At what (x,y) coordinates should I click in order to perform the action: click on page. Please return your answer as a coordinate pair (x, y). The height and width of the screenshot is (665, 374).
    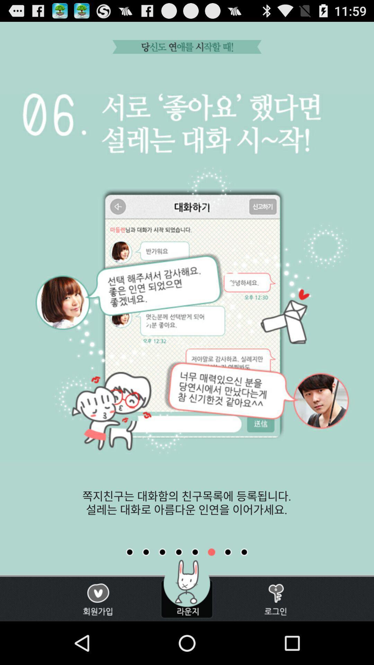
    Looking at the image, I should click on (195, 552).